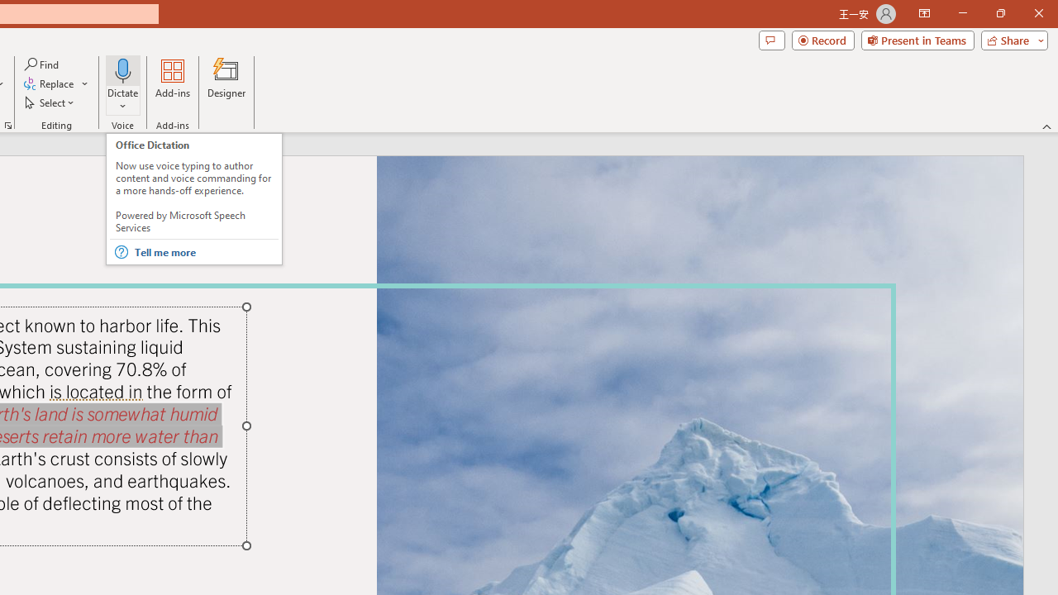  I want to click on 'Tell me more', so click(204, 252).